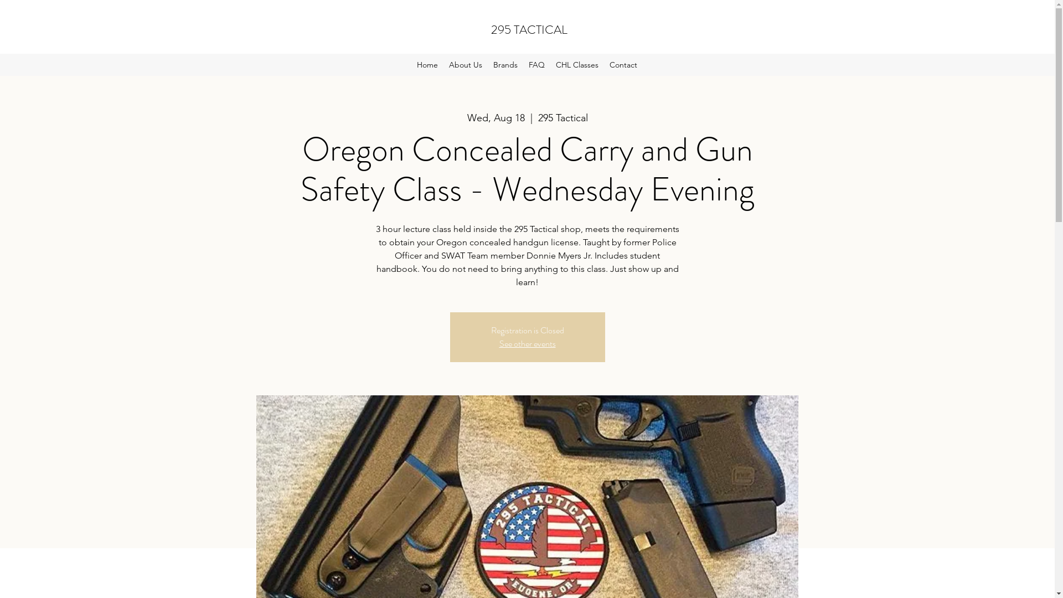  What do you see at coordinates (536, 64) in the screenshot?
I see `'FAQ'` at bounding box center [536, 64].